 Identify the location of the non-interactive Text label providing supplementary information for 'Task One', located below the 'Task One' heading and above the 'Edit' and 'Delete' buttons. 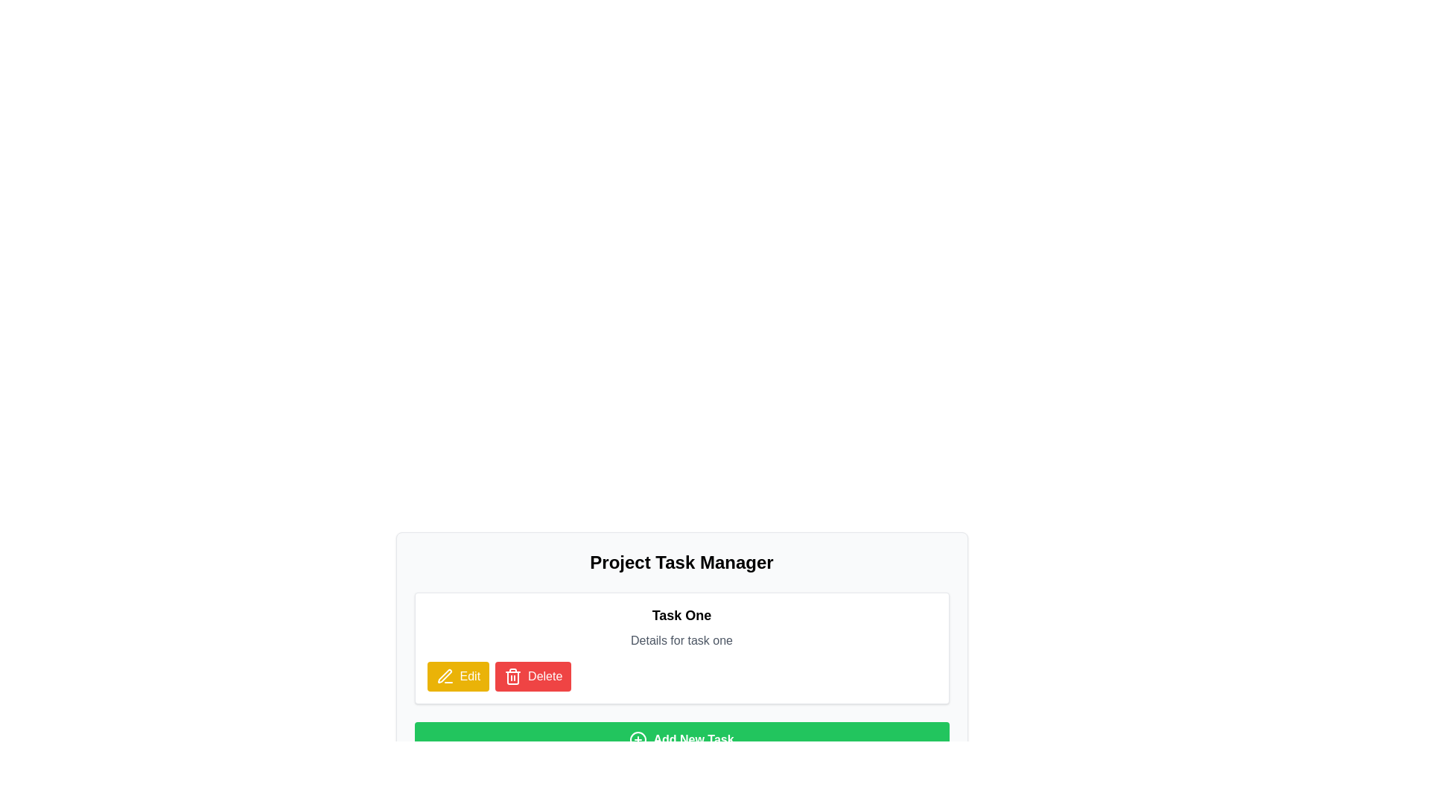
(681, 639).